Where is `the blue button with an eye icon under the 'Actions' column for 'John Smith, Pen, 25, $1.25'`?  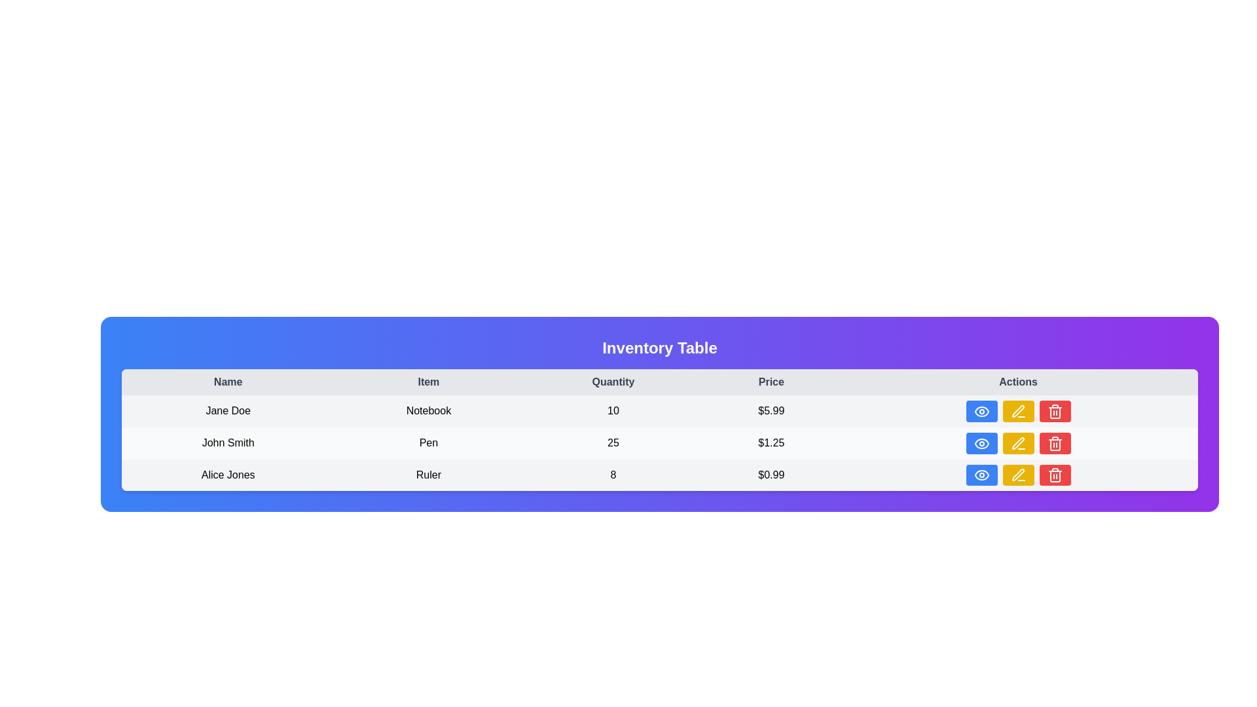 the blue button with an eye icon under the 'Actions' column for 'John Smith, Pen, 25, $1.25' is located at coordinates (981, 443).